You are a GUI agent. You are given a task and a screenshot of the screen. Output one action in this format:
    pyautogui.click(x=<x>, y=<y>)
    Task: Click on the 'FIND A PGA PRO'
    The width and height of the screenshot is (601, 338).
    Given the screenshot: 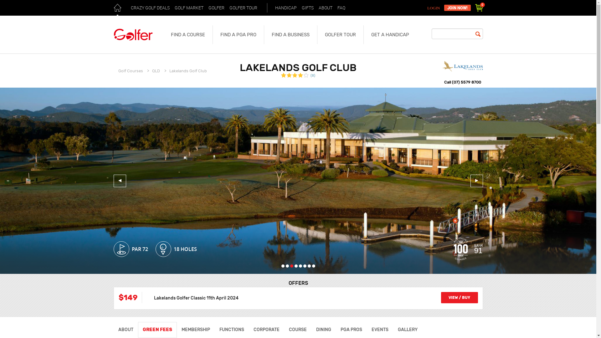 What is the action you would take?
    pyautogui.click(x=238, y=35)
    